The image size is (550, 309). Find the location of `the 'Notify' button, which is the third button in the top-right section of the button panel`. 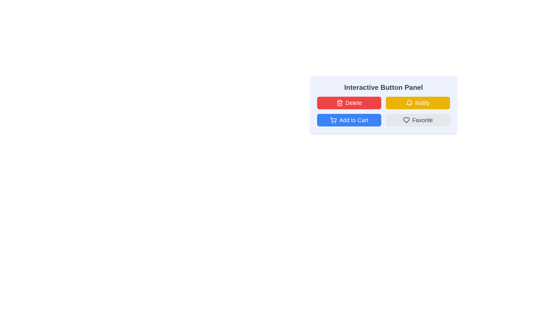

the 'Notify' button, which is the third button in the top-right section of the button panel is located at coordinates (422, 102).